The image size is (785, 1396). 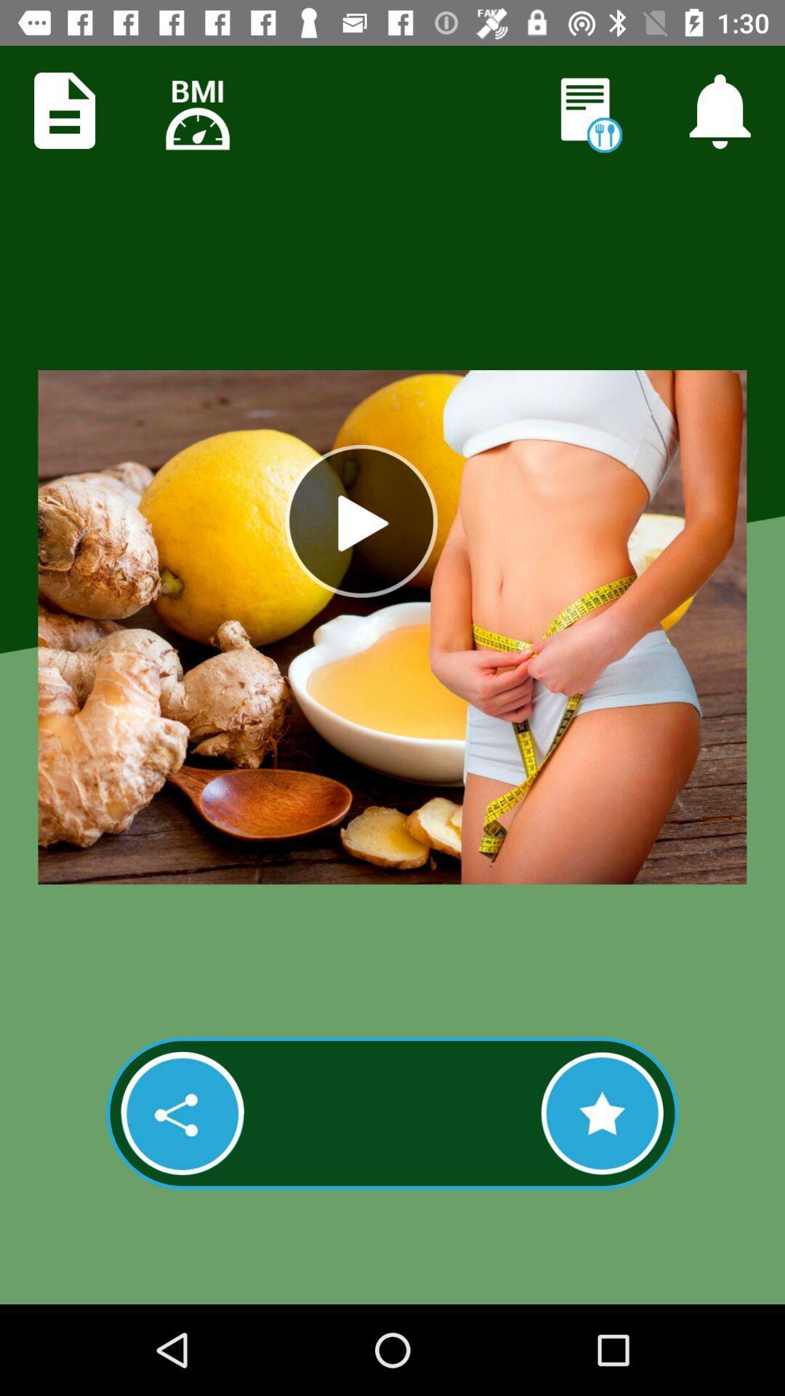 I want to click on for share, so click(x=182, y=1112).